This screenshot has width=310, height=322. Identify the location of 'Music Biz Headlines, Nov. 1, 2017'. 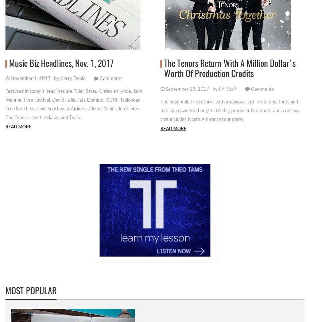
(61, 64).